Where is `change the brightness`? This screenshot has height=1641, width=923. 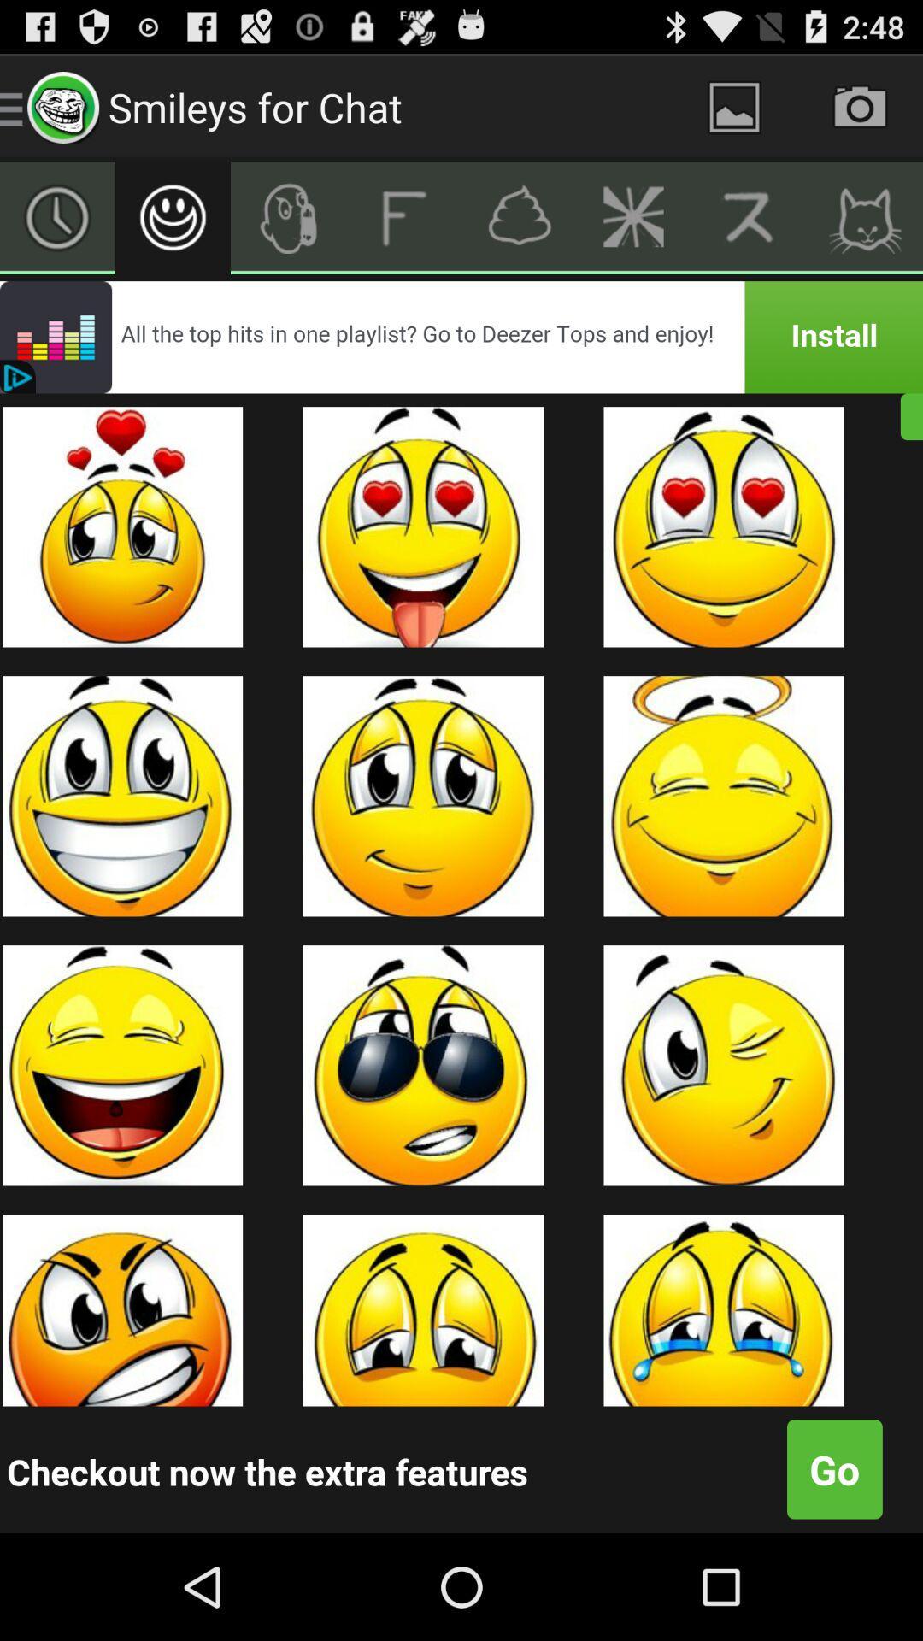
change the brightness is located at coordinates (634, 216).